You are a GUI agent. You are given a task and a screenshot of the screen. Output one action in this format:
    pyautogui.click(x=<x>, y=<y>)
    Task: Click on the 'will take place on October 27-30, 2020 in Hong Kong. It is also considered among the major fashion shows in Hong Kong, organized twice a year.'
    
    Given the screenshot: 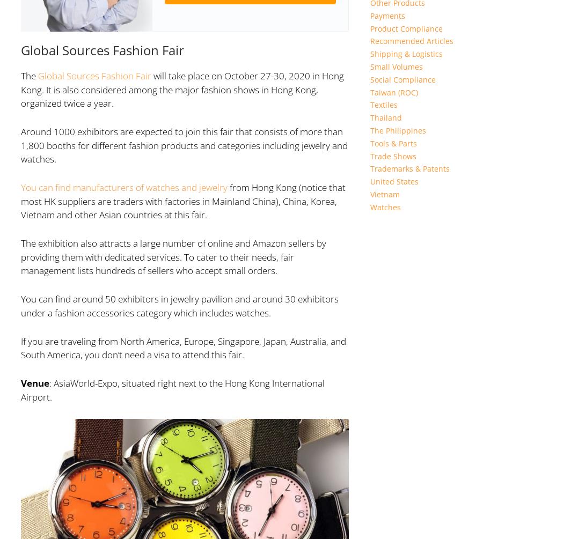 What is the action you would take?
    pyautogui.click(x=181, y=90)
    